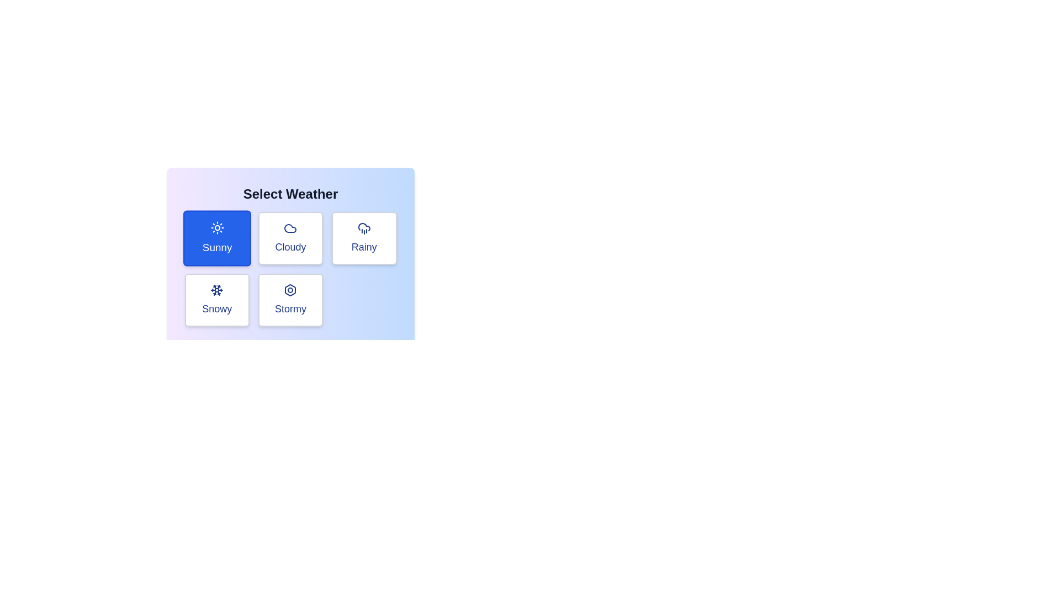 The width and height of the screenshot is (1060, 596). I want to click on storm icon, which is a hexagonal-shaped icon with a circular bolt graphic inside, located centrally within the 'Stormy' selection button at the bottom-right of the grid under the 'Select Weather' heading, so click(290, 289).